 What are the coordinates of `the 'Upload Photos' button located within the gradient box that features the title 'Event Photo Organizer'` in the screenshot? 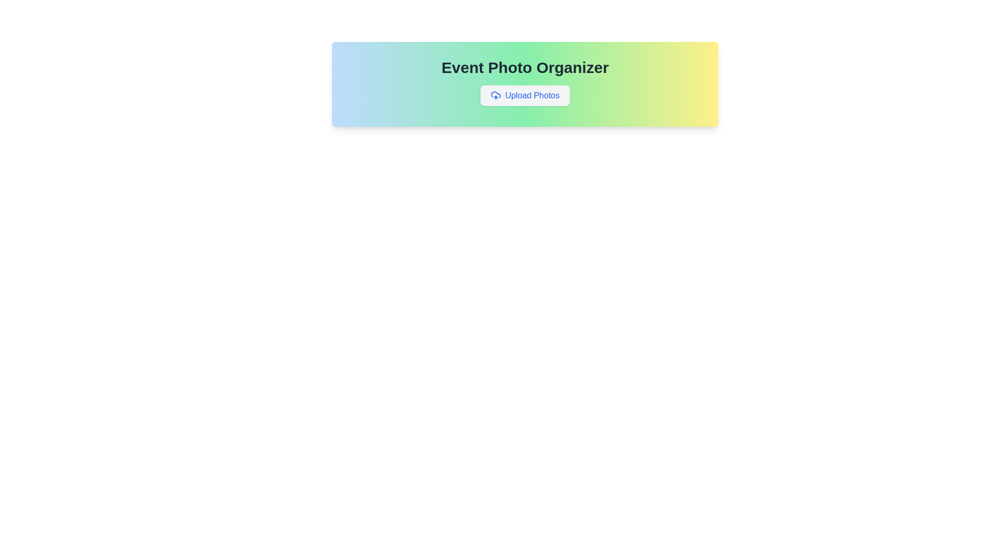 It's located at (525, 83).